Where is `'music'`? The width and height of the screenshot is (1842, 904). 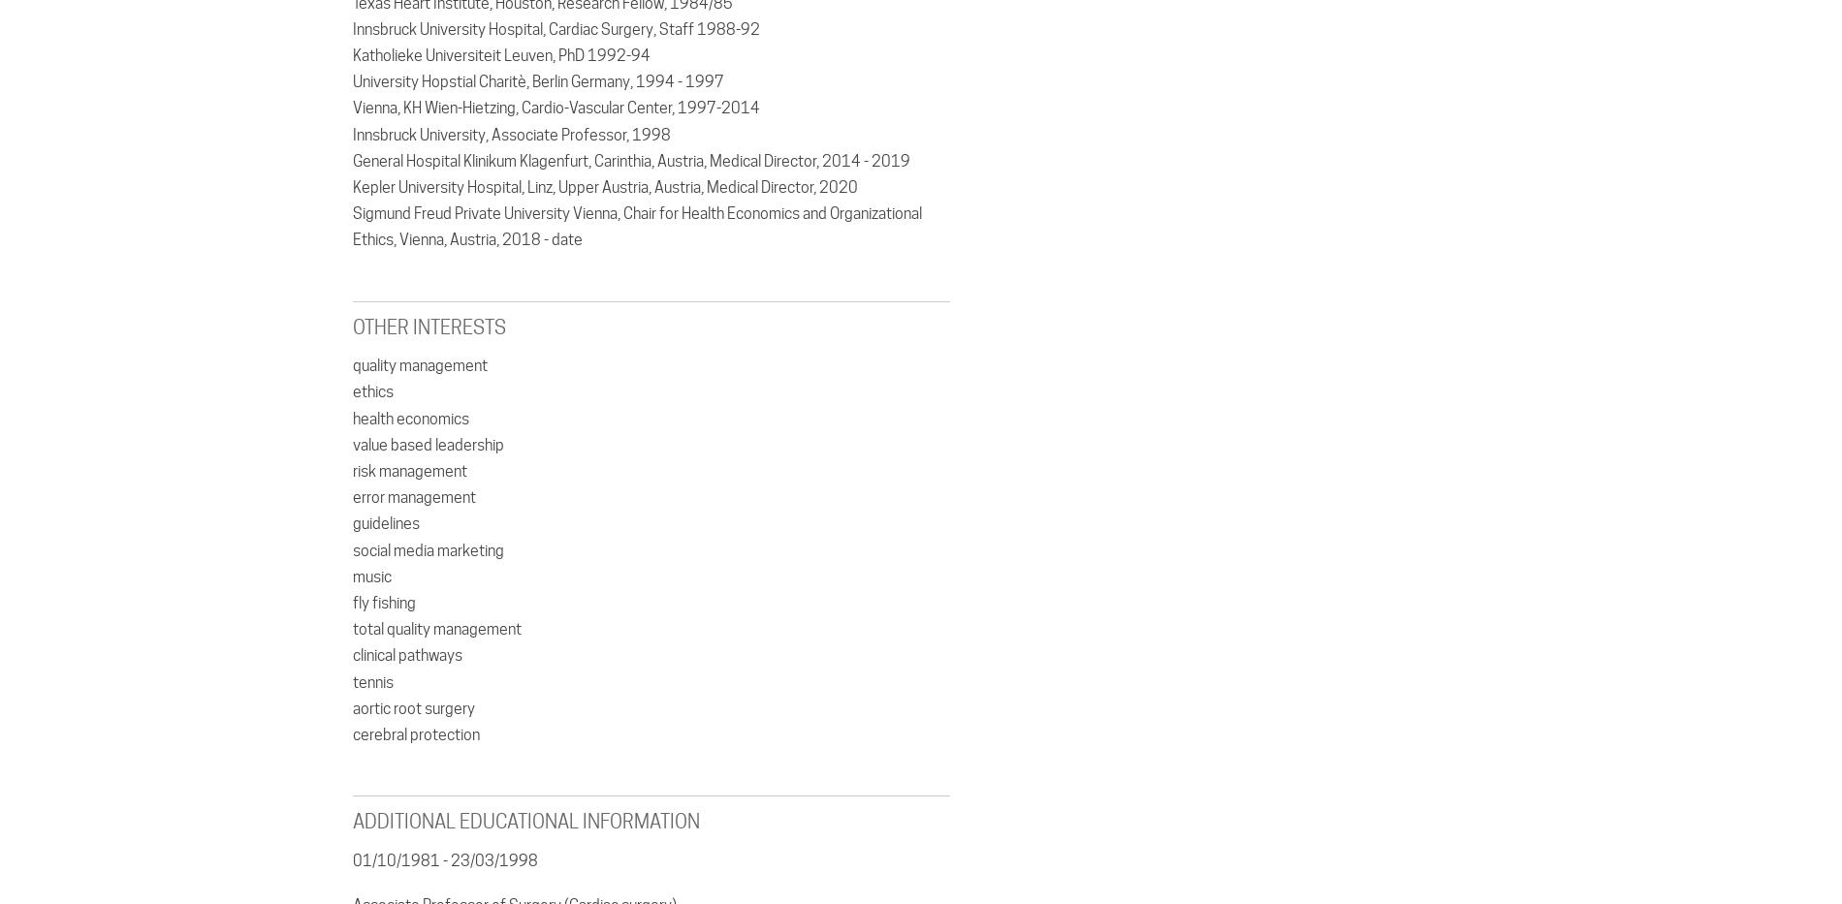 'music' is located at coordinates (370, 576).